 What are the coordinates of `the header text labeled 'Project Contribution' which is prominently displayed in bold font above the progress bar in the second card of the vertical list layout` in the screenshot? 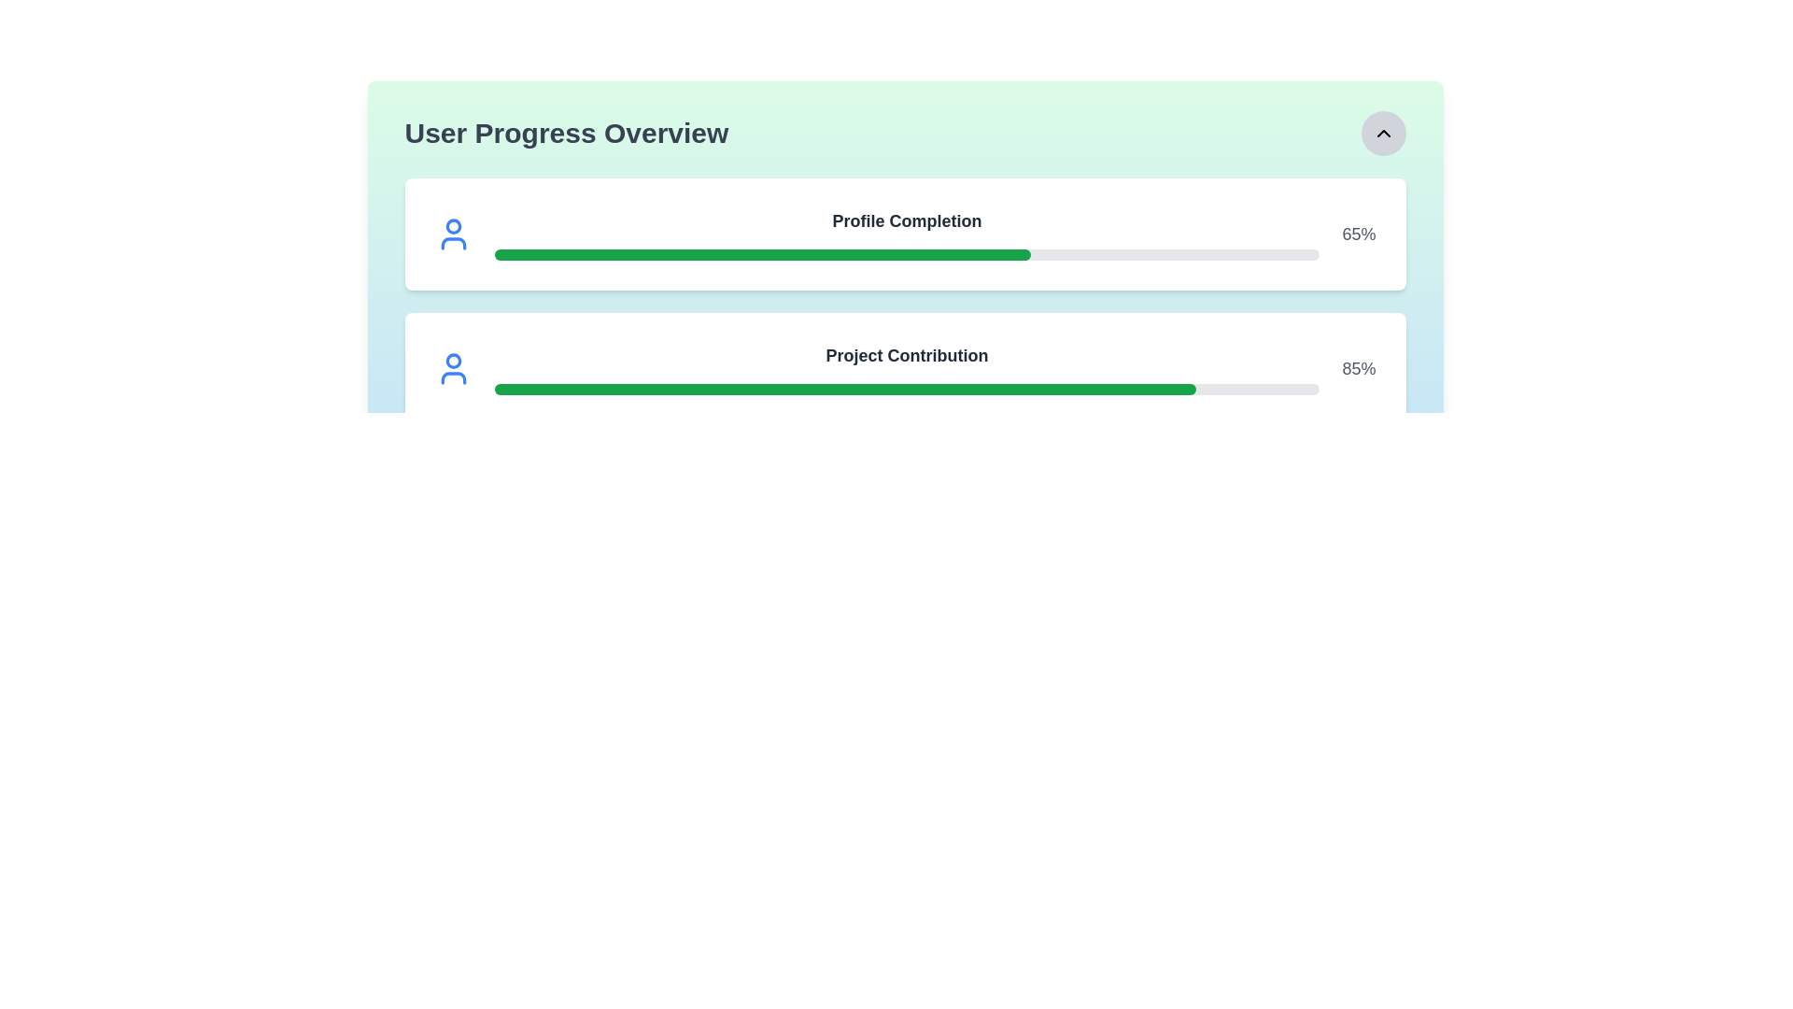 It's located at (907, 368).